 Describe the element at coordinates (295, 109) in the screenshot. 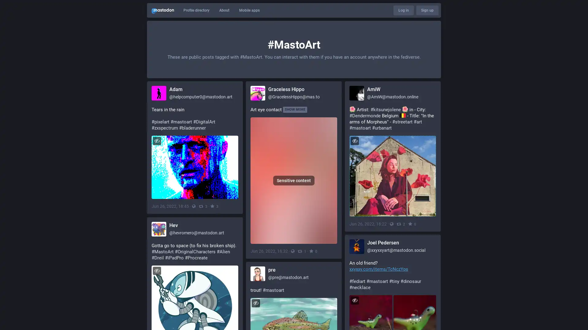

I see `SHOW MORE` at that location.